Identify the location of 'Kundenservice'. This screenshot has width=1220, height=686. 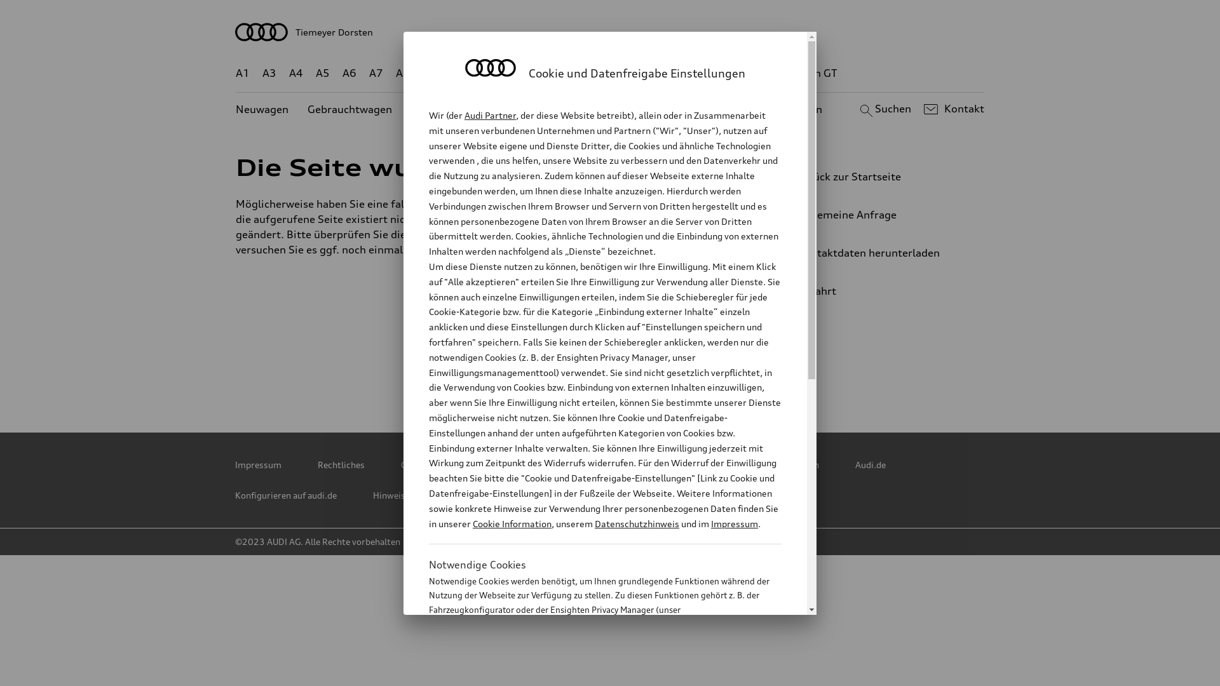
(616, 109).